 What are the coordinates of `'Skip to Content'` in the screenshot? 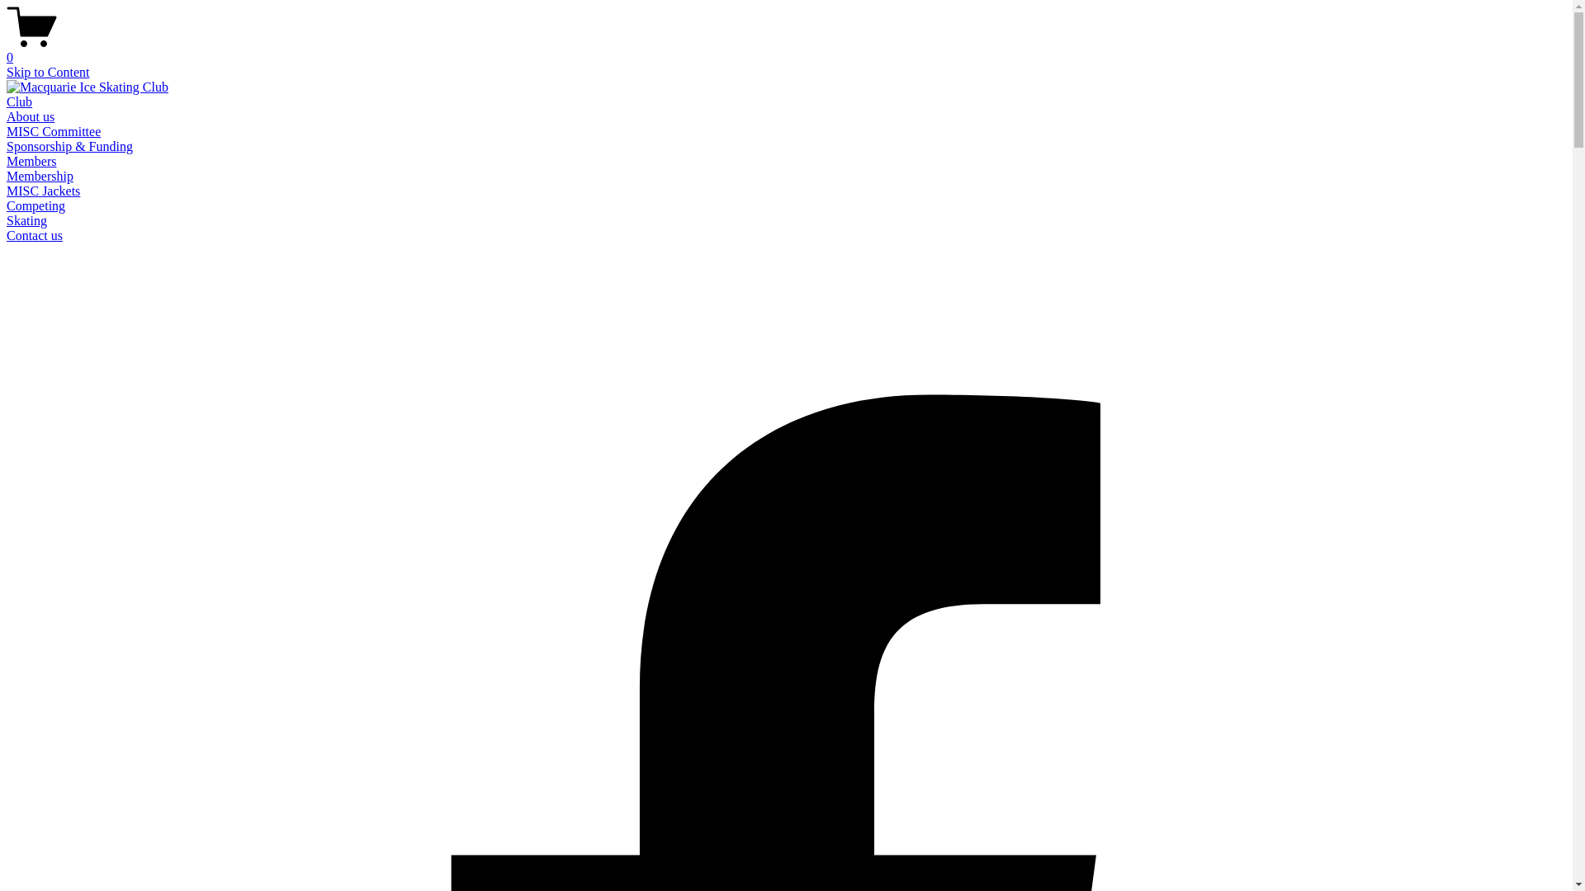 It's located at (7, 71).